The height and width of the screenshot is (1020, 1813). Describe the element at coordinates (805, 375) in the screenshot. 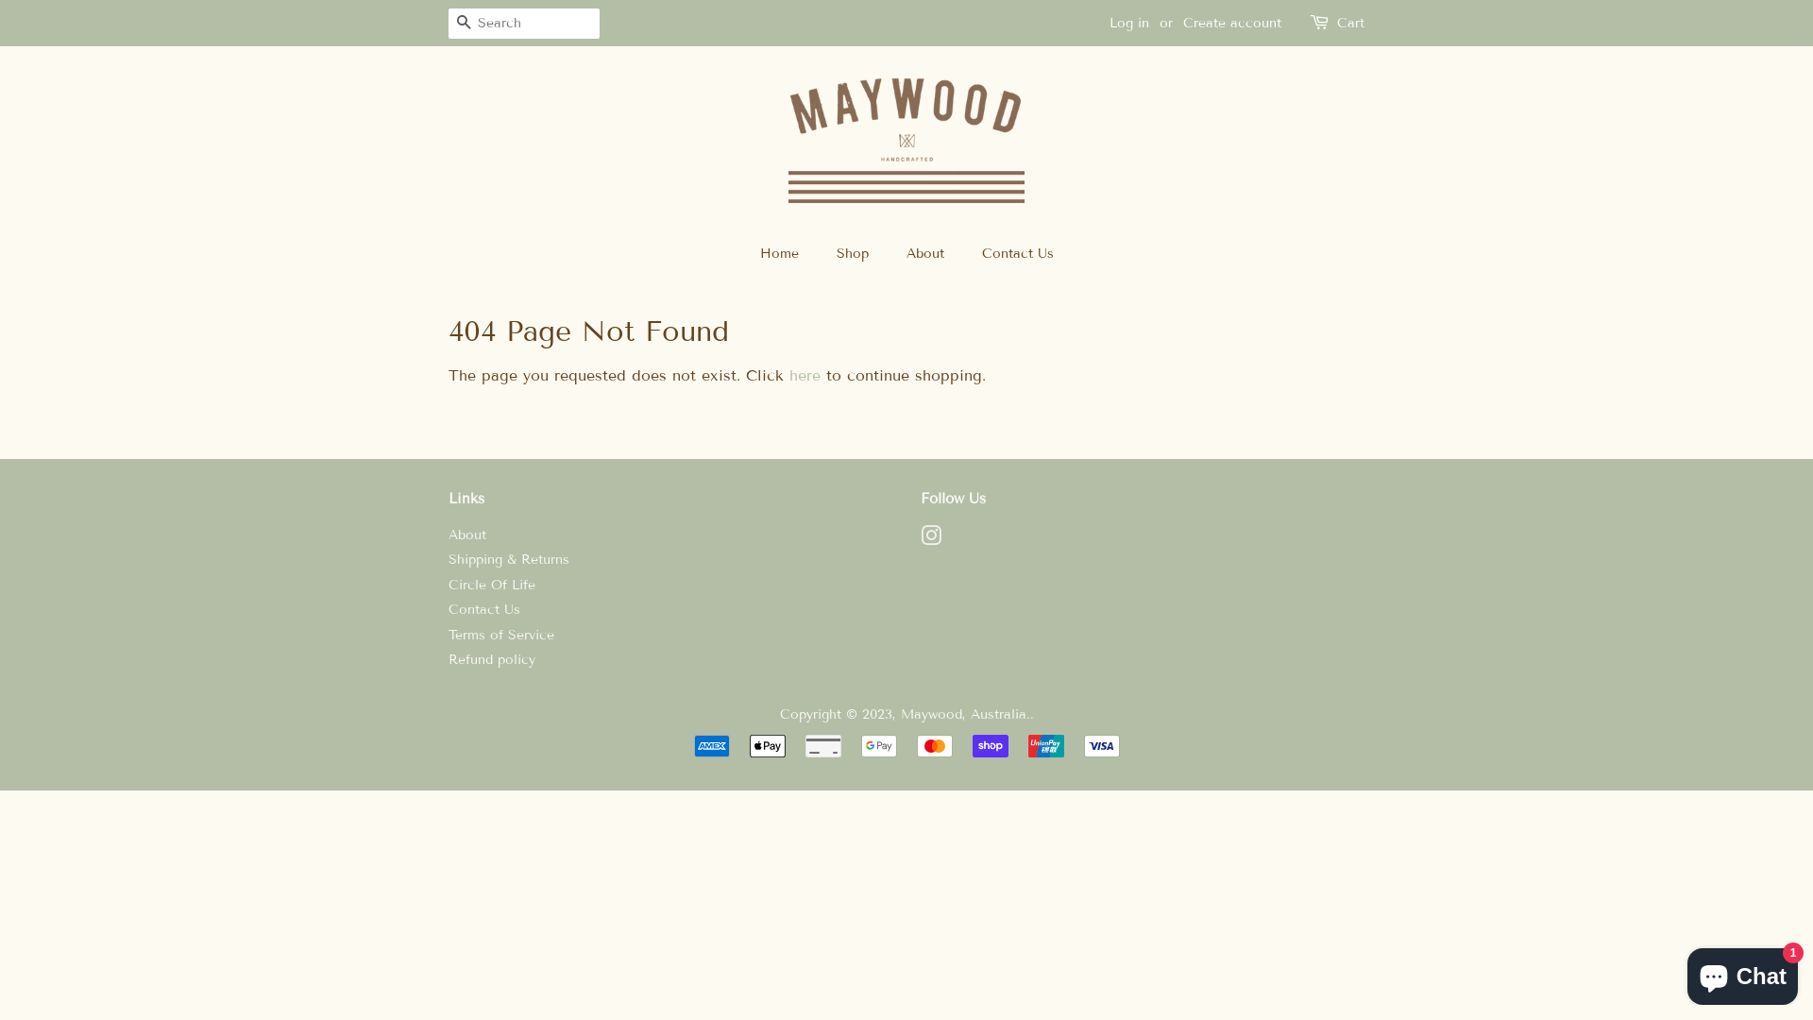

I see `'here'` at that location.